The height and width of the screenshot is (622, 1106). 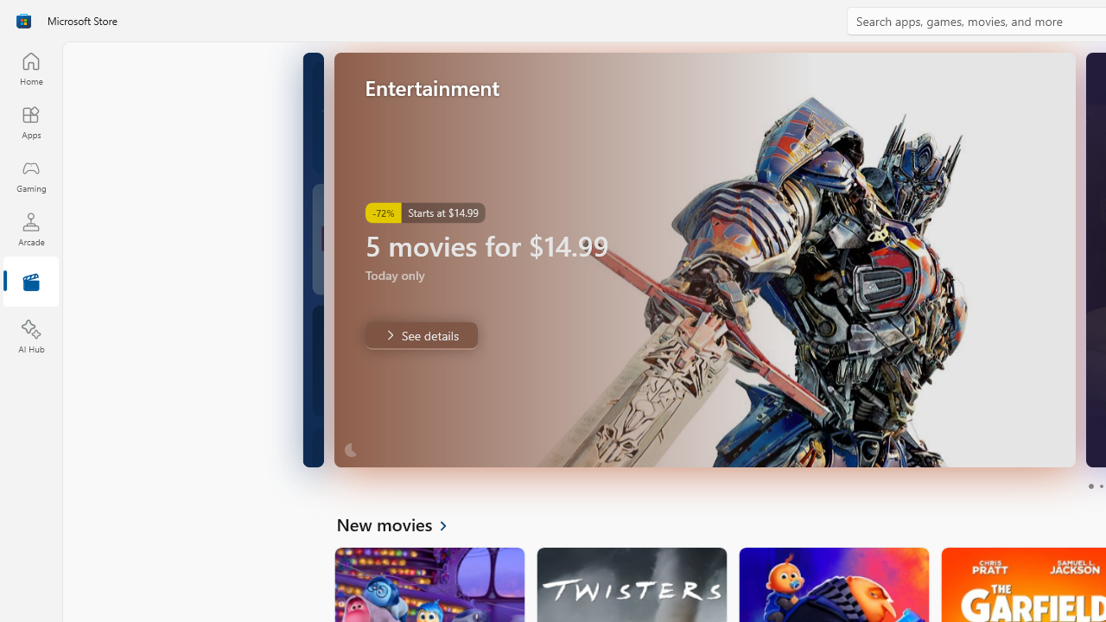 What do you see at coordinates (30, 337) in the screenshot?
I see `'AI Hub'` at bounding box center [30, 337].